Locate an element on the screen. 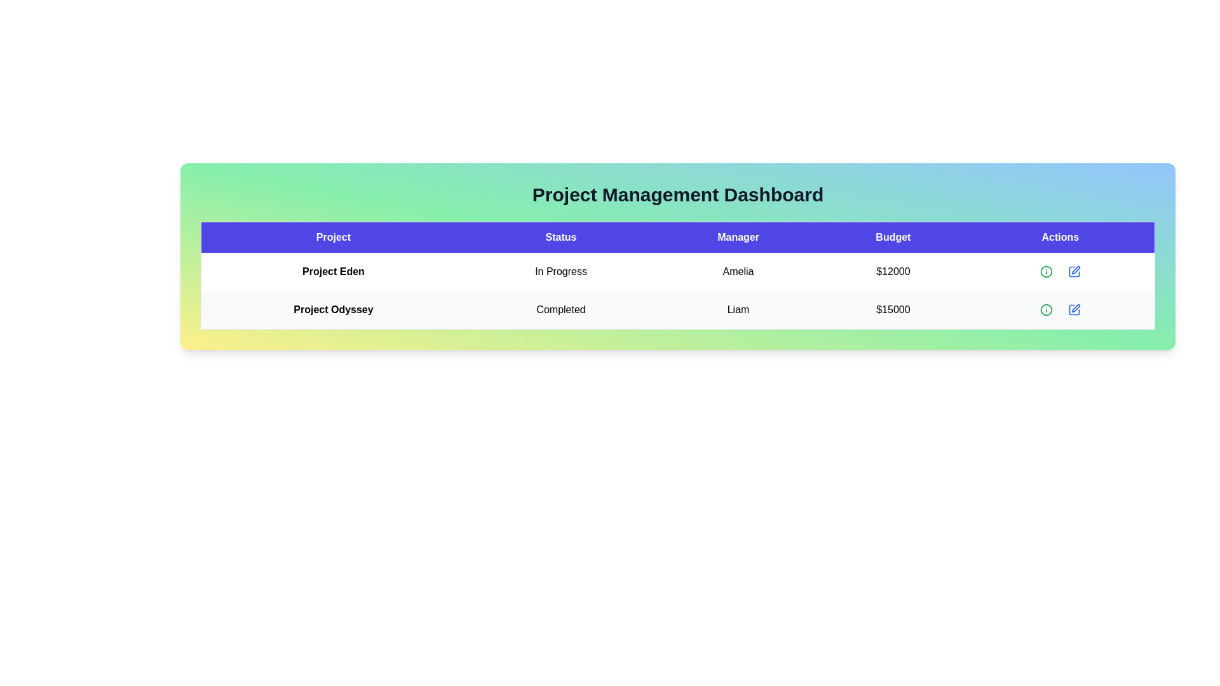 The height and width of the screenshot is (686, 1220). the 'Budget' static text label, which is a bold white text on a solid blue background, located as the fourth item in the navigation bar among 'Project', 'Status', 'Manager', and 'Actions' is located at coordinates (892, 237).